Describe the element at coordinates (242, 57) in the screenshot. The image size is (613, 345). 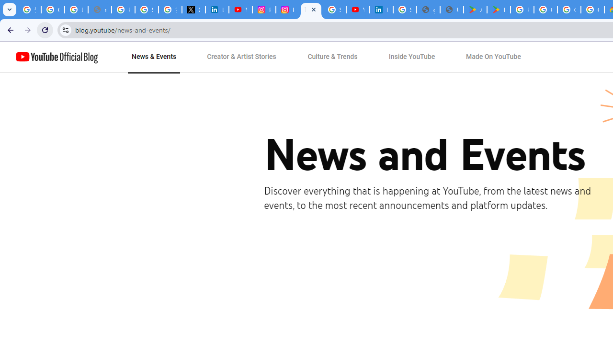
I see `'Creator & Artist Stories'` at that location.